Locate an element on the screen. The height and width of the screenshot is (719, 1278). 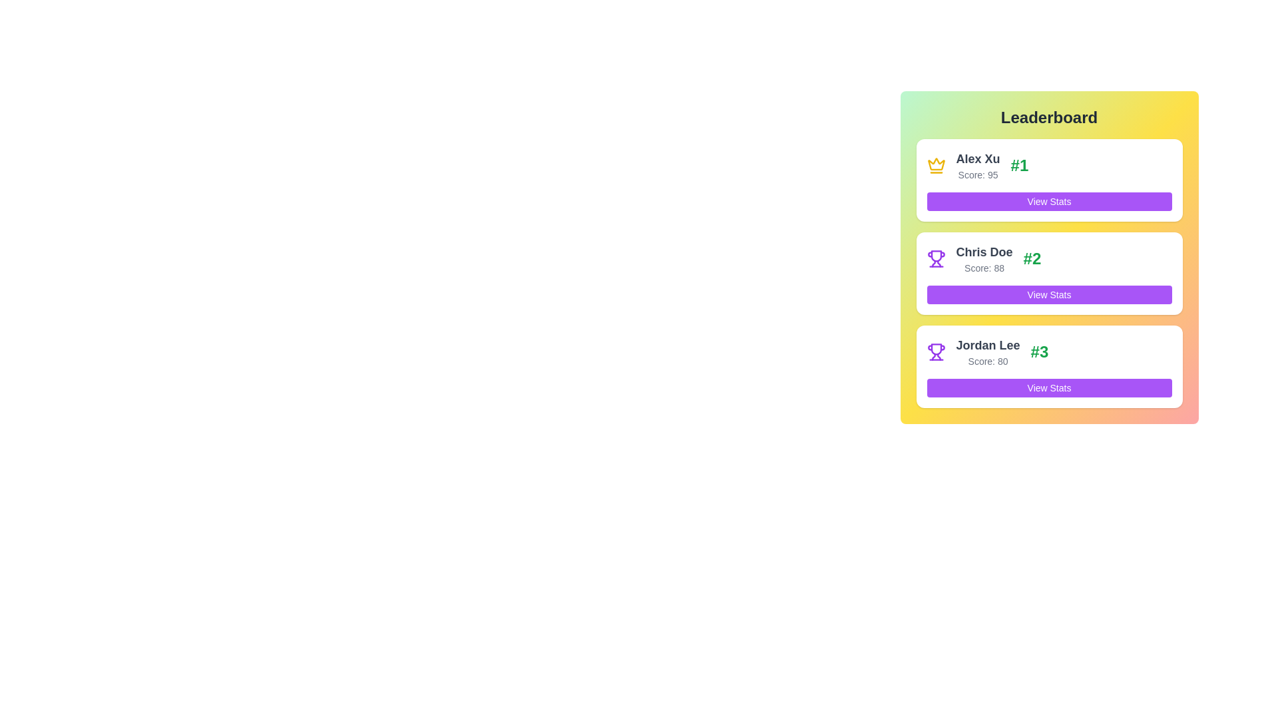
the 'View Stats' button for player Jordan Lee is located at coordinates (1048, 387).